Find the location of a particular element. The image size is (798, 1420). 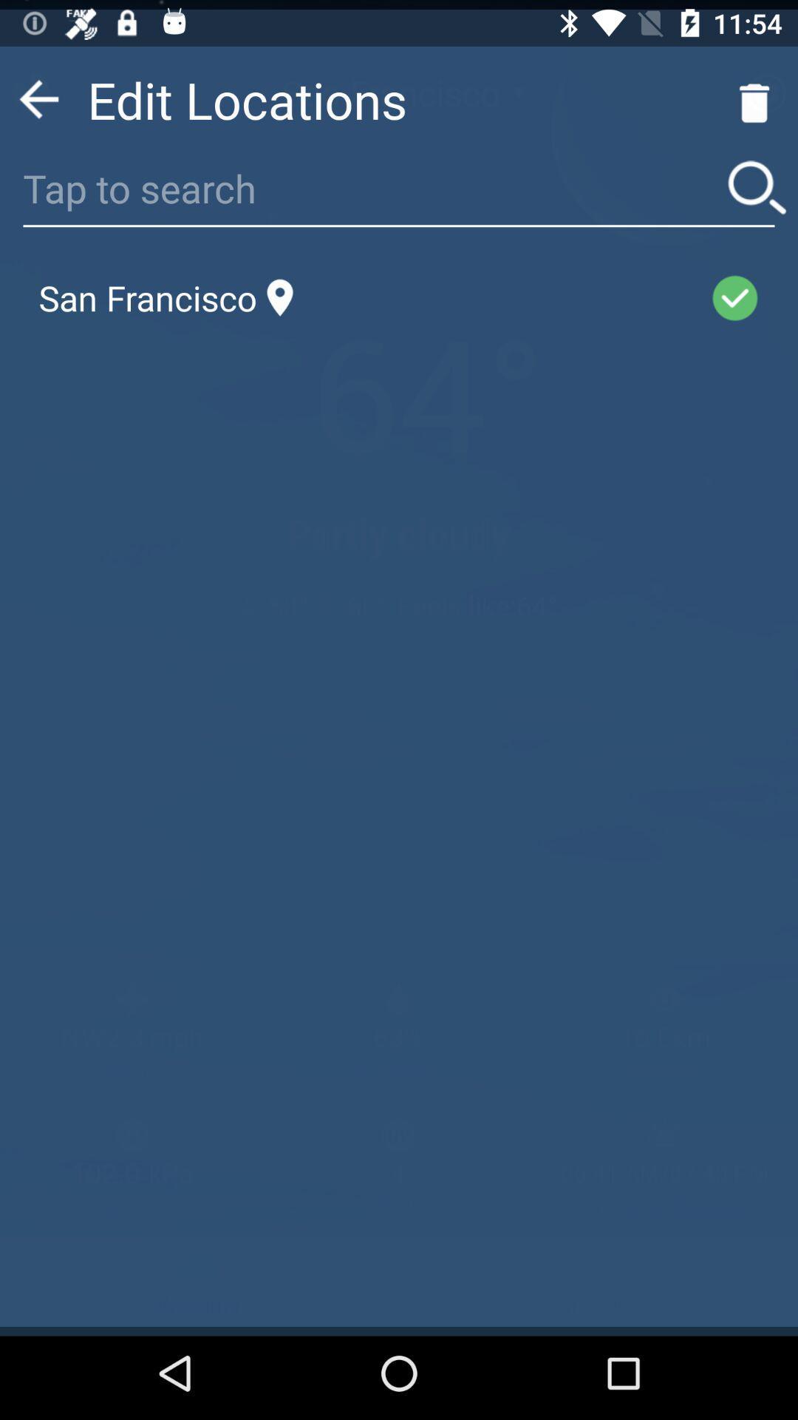

the search icon is located at coordinates (757, 177).